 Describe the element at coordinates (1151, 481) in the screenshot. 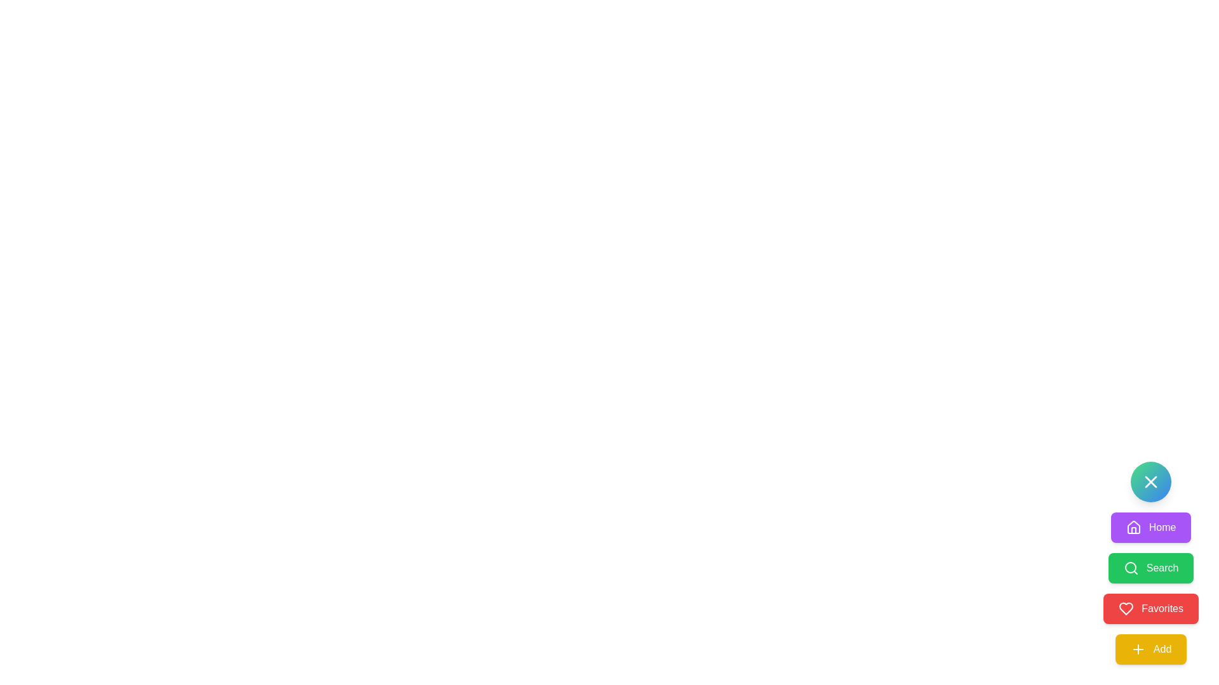

I see `the dismiss button located at the bottom-right corner of the interface, above the buttons labeled 'Home', 'Search', 'Favorites', and 'Add'` at that location.